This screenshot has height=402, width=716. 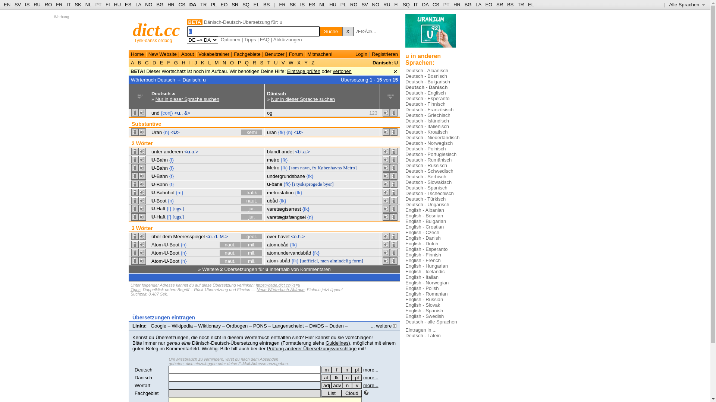 What do you see at coordinates (154, 62) in the screenshot?
I see `'D'` at bounding box center [154, 62].